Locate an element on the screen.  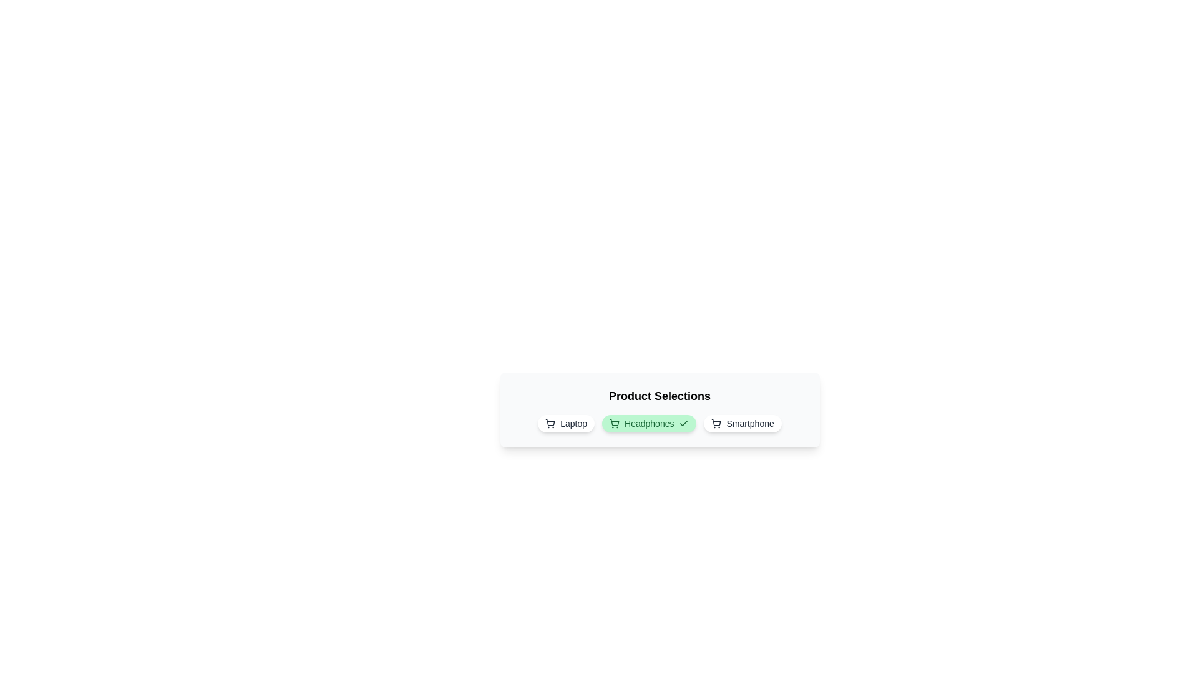
the product chip labeled Smartphone is located at coordinates (743, 422).